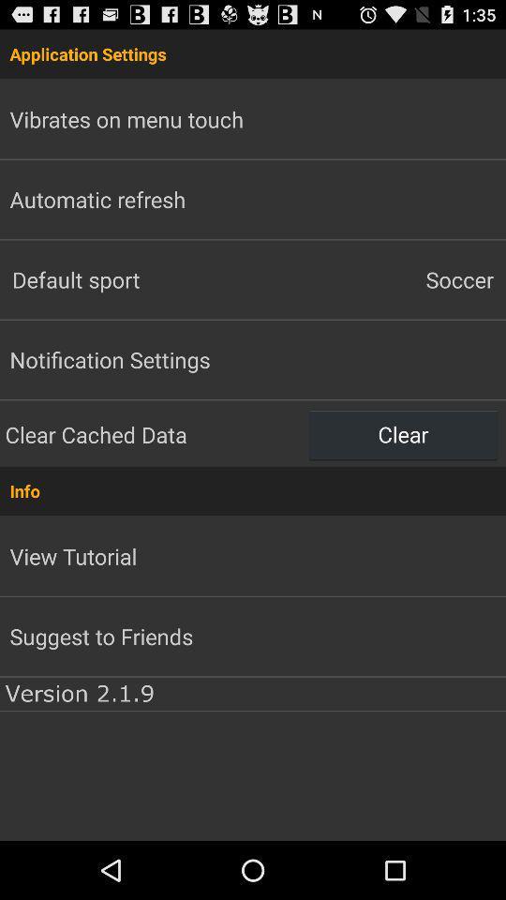  I want to click on the suggest to friends icon, so click(101, 636).